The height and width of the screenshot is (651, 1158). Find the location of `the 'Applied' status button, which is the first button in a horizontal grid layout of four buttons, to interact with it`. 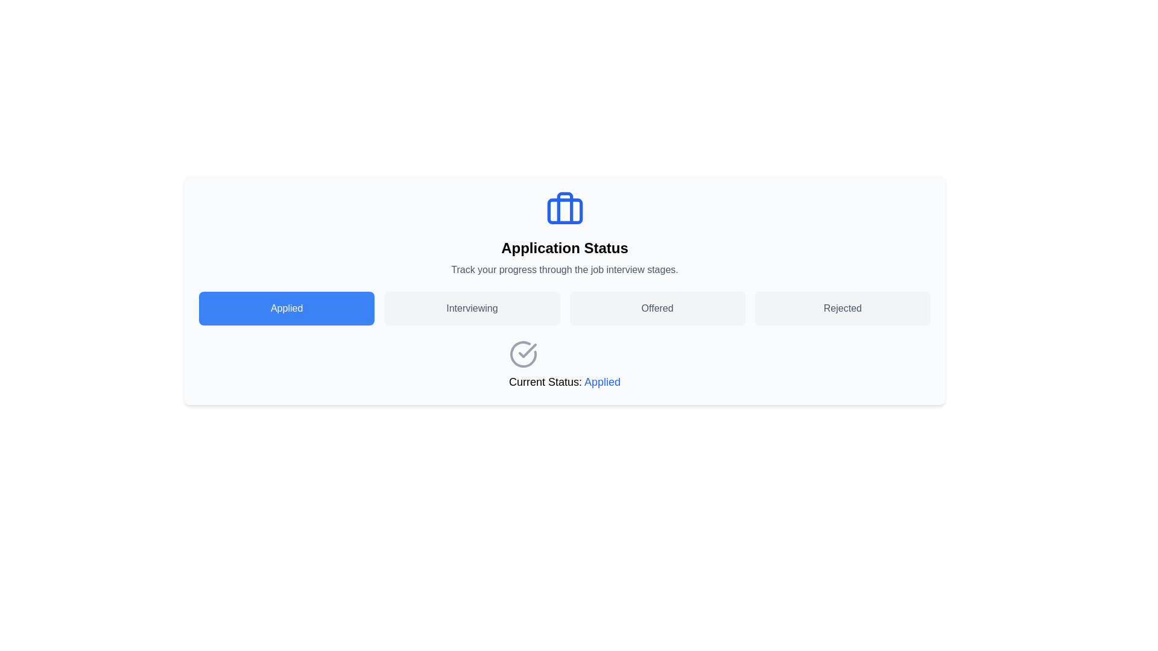

the 'Applied' status button, which is the first button in a horizontal grid layout of four buttons, to interact with it is located at coordinates (286, 308).